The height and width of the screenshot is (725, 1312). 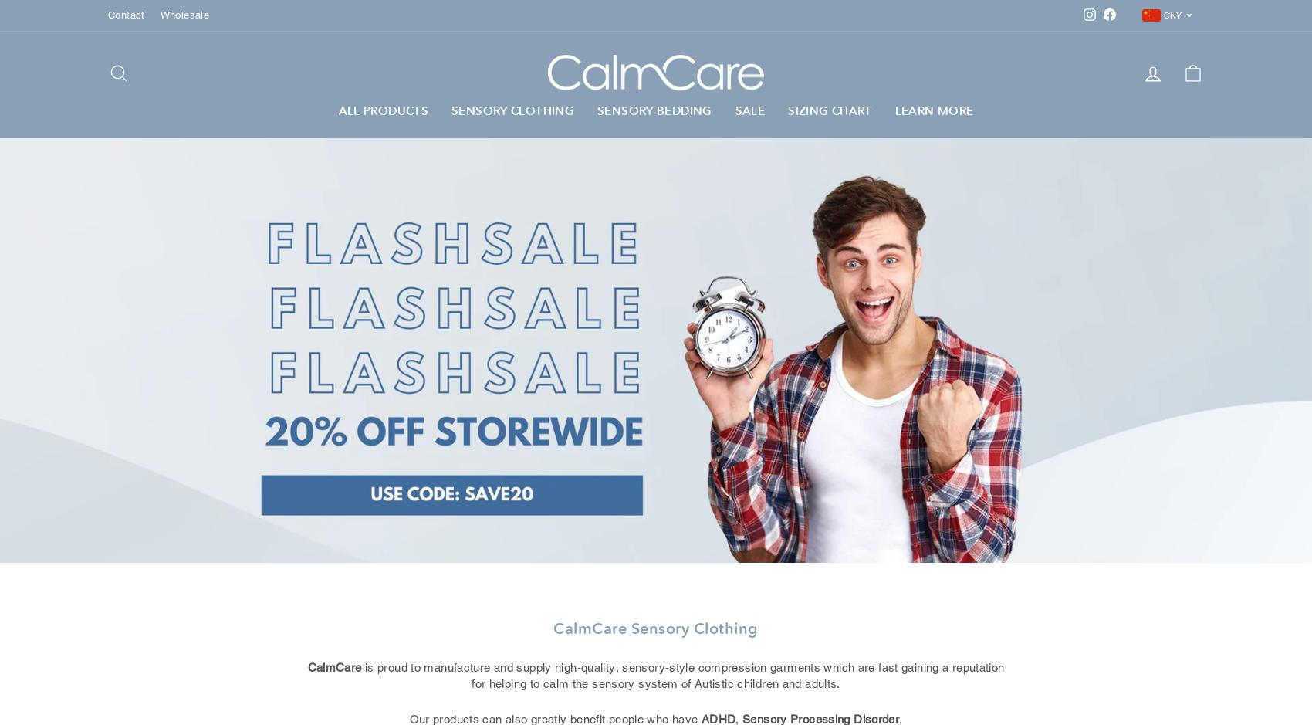 What do you see at coordinates (450, 110) in the screenshot?
I see `'Sensory Clothing'` at bounding box center [450, 110].